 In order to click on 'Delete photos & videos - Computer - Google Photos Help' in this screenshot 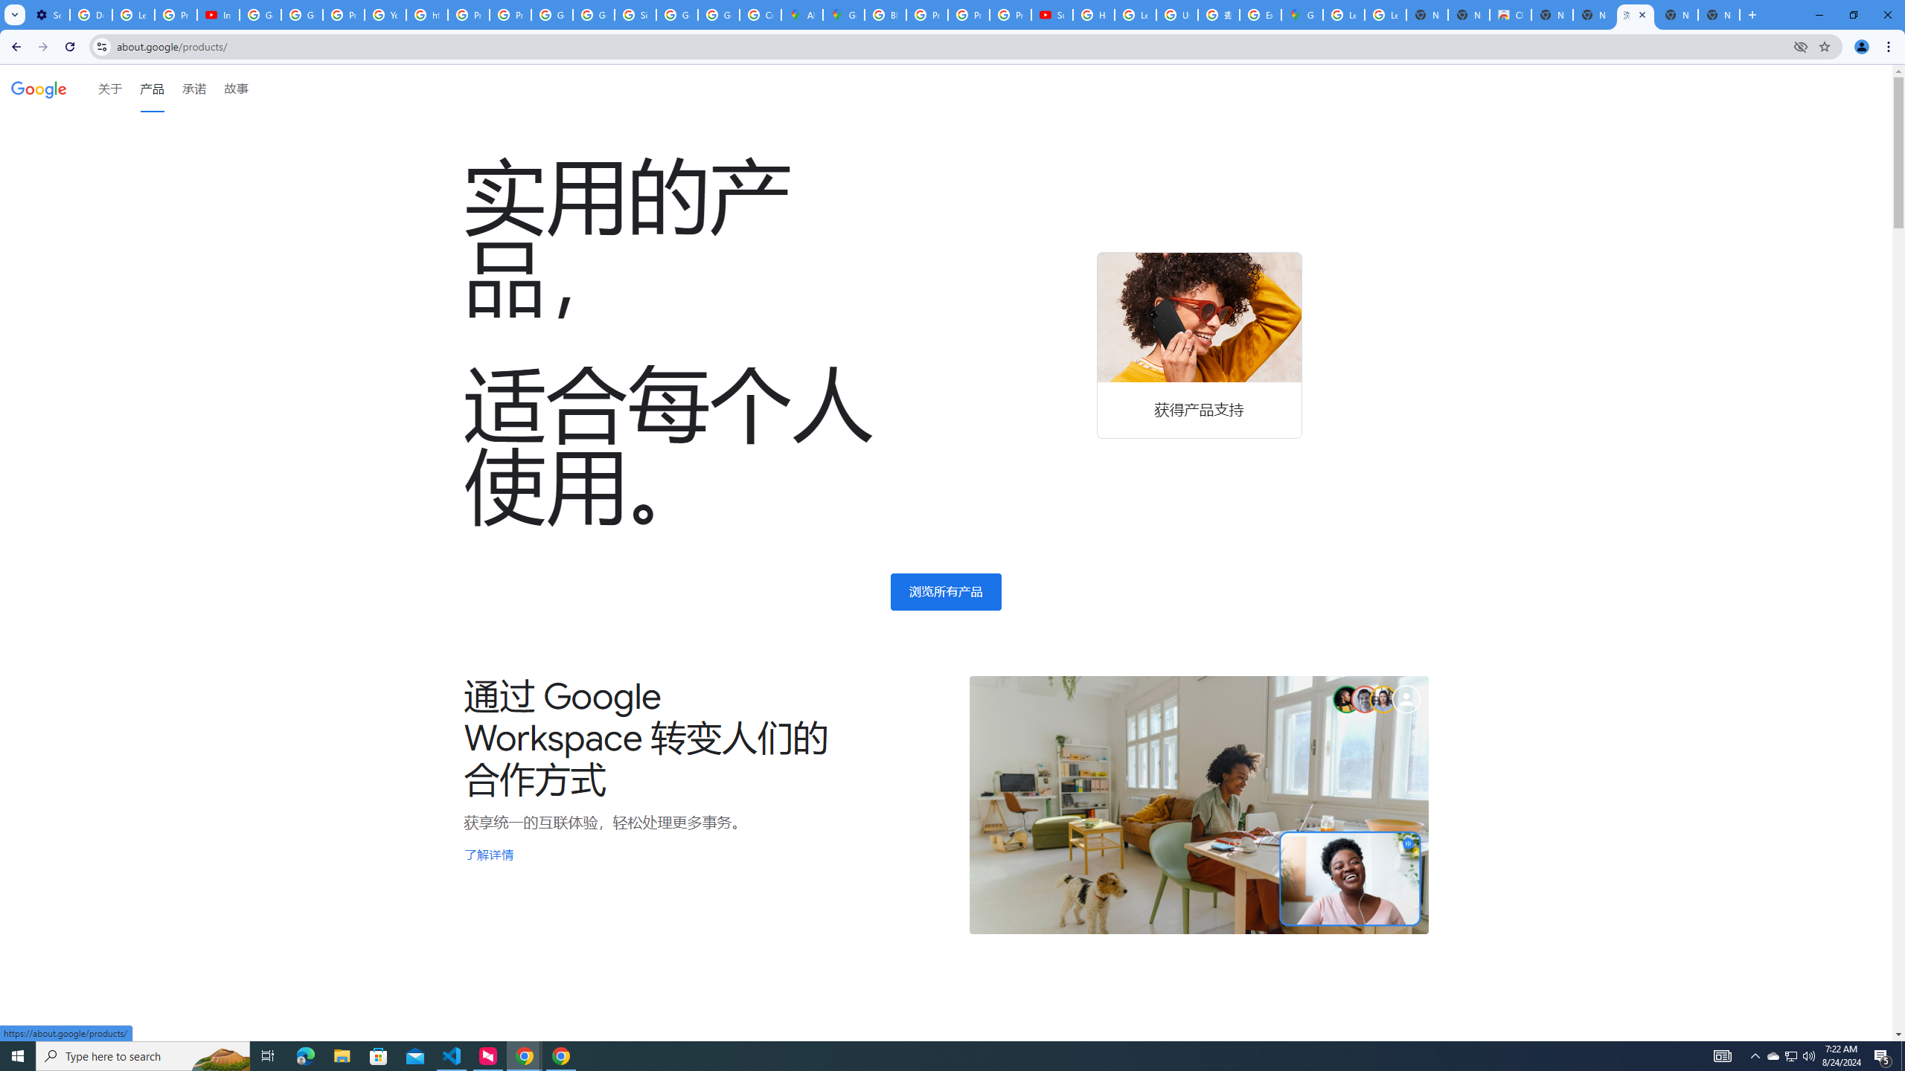, I will do `click(90, 14)`.